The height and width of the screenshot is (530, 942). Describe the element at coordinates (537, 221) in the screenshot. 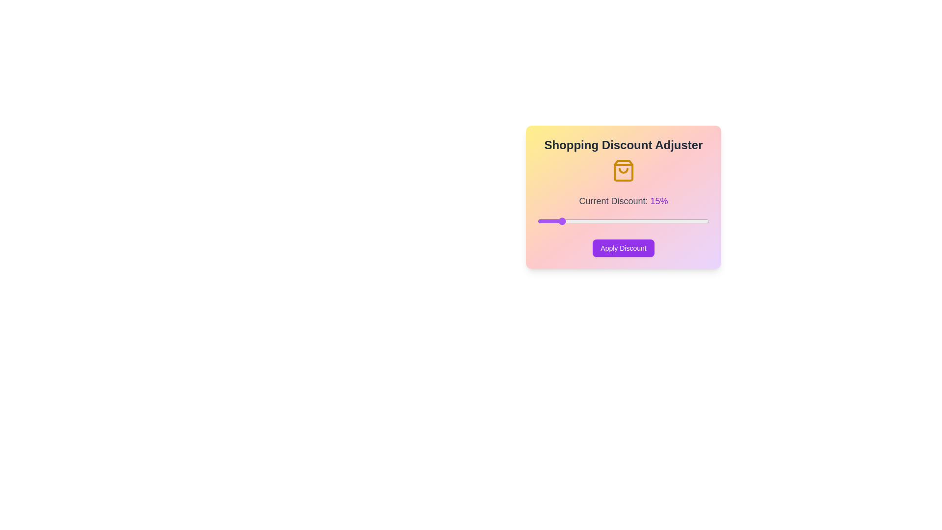

I see `the discount slider to set the discount percentage to 10` at that location.